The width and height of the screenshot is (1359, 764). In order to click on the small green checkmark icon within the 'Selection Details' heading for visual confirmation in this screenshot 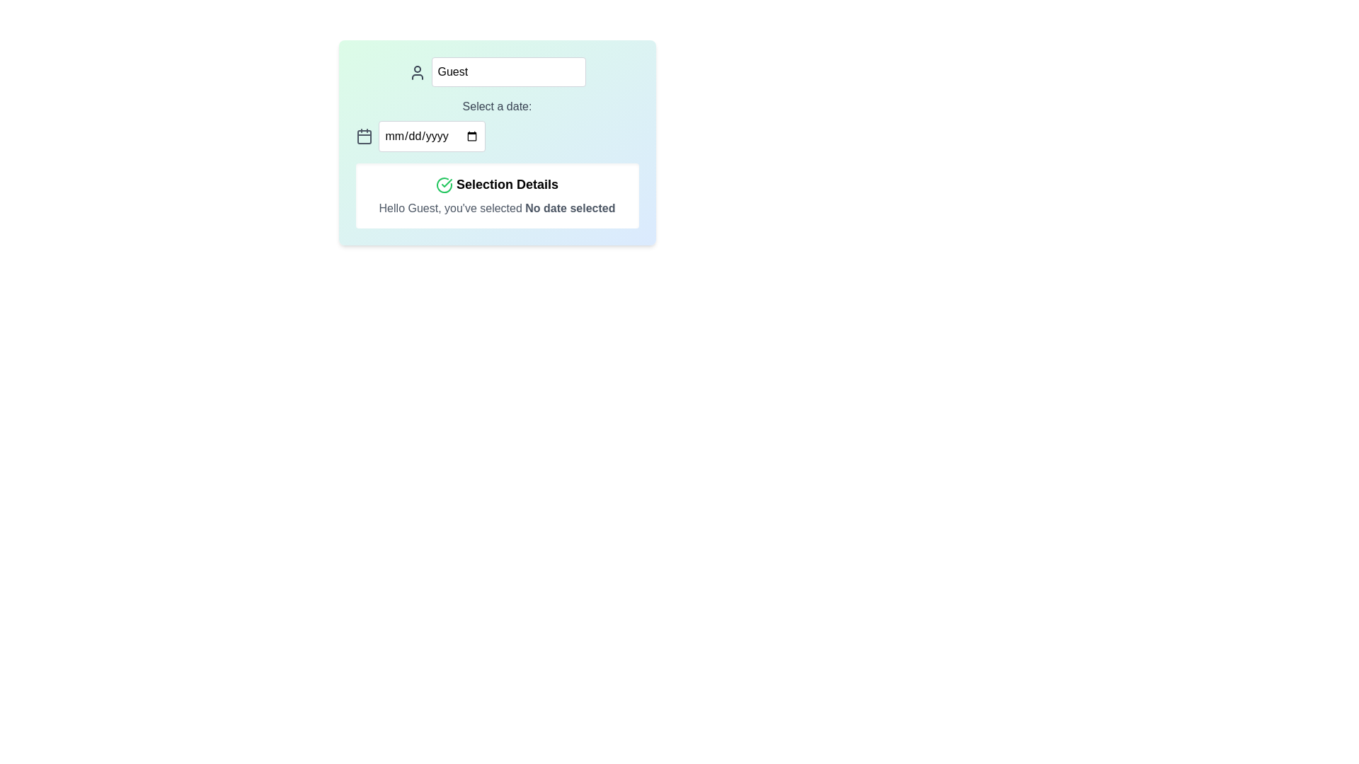, I will do `click(446, 183)`.